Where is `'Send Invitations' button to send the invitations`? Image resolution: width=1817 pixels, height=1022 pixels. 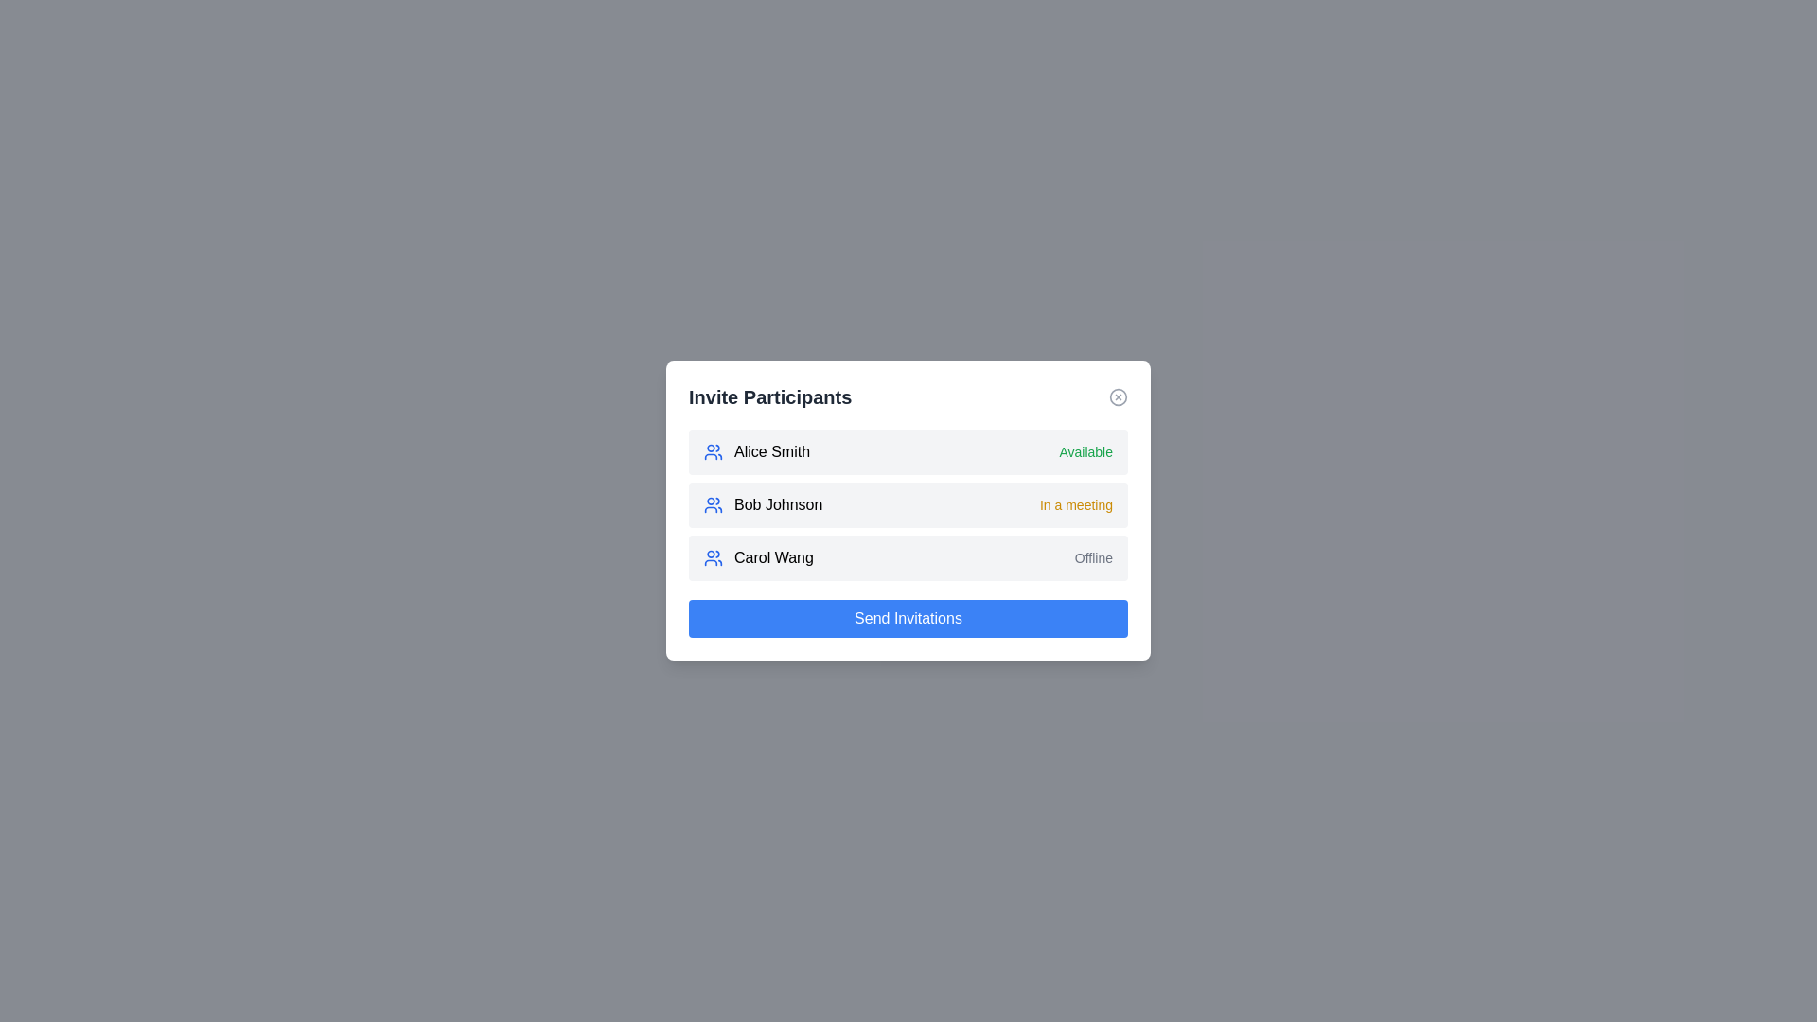
'Send Invitations' button to send the invitations is located at coordinates (908, 619).